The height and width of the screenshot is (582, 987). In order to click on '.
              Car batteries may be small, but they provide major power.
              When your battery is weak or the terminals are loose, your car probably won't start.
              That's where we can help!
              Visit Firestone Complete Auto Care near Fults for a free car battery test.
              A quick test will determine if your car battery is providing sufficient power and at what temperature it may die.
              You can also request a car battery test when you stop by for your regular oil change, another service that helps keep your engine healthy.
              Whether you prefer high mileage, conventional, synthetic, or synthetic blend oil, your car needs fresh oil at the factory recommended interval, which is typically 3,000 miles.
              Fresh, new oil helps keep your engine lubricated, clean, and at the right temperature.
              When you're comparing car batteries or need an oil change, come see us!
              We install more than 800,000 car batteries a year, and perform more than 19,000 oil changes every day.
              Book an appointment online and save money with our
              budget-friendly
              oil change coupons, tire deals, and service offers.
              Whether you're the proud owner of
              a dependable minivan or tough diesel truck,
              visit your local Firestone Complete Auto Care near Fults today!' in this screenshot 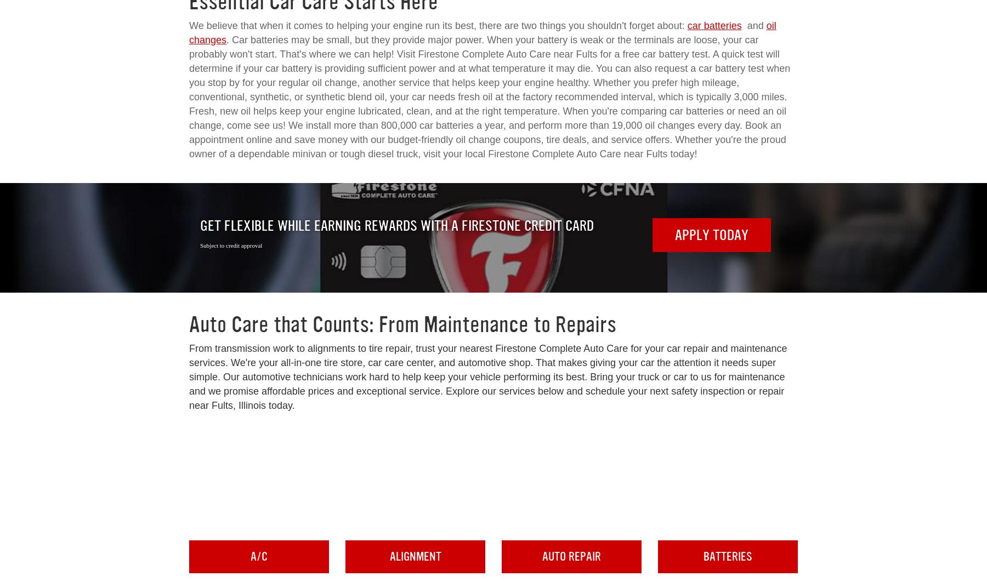, I will do `click(489, 97)`.